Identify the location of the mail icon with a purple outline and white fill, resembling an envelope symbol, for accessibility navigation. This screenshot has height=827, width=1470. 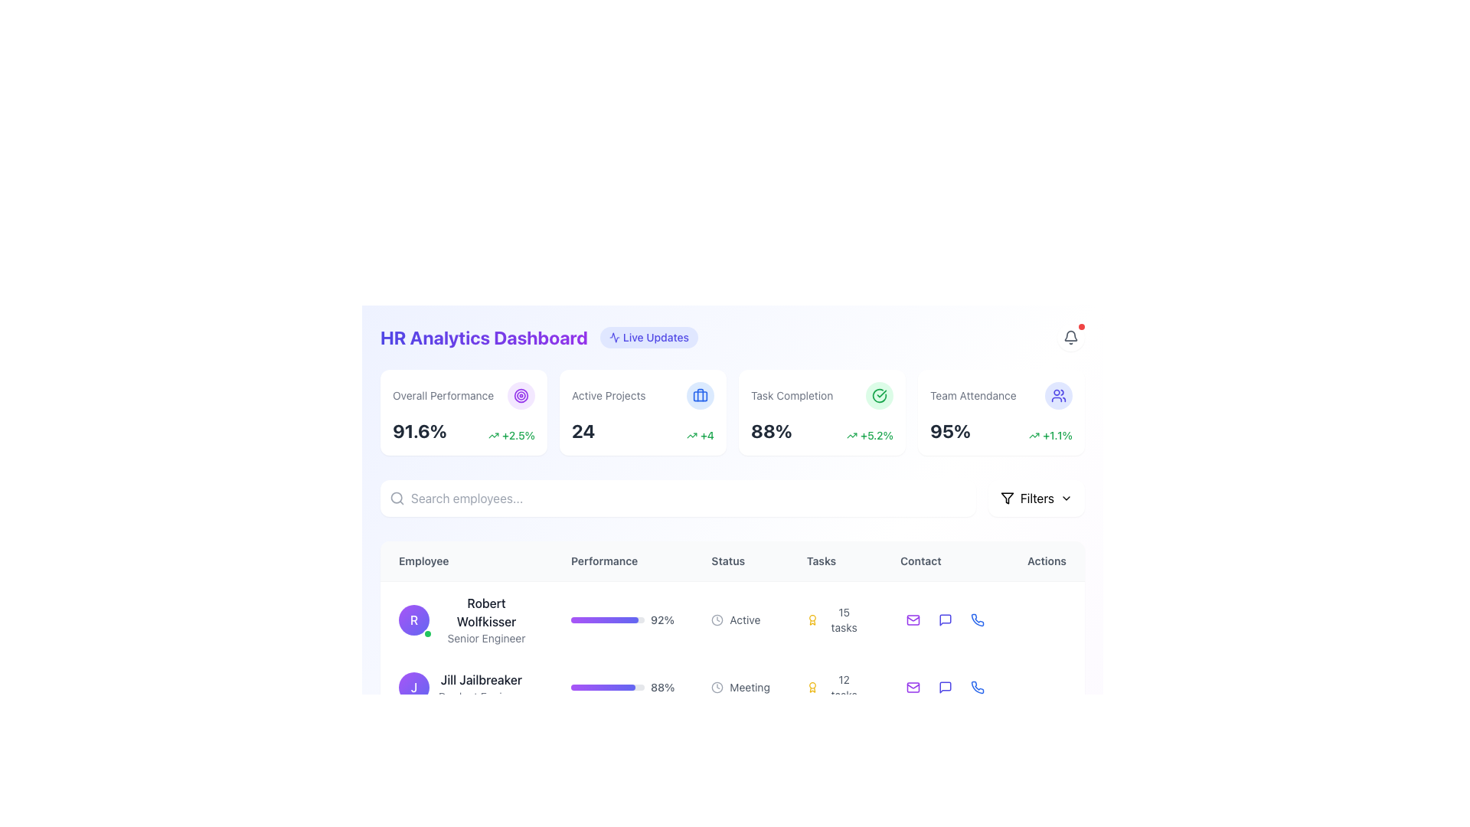
(913, 687).